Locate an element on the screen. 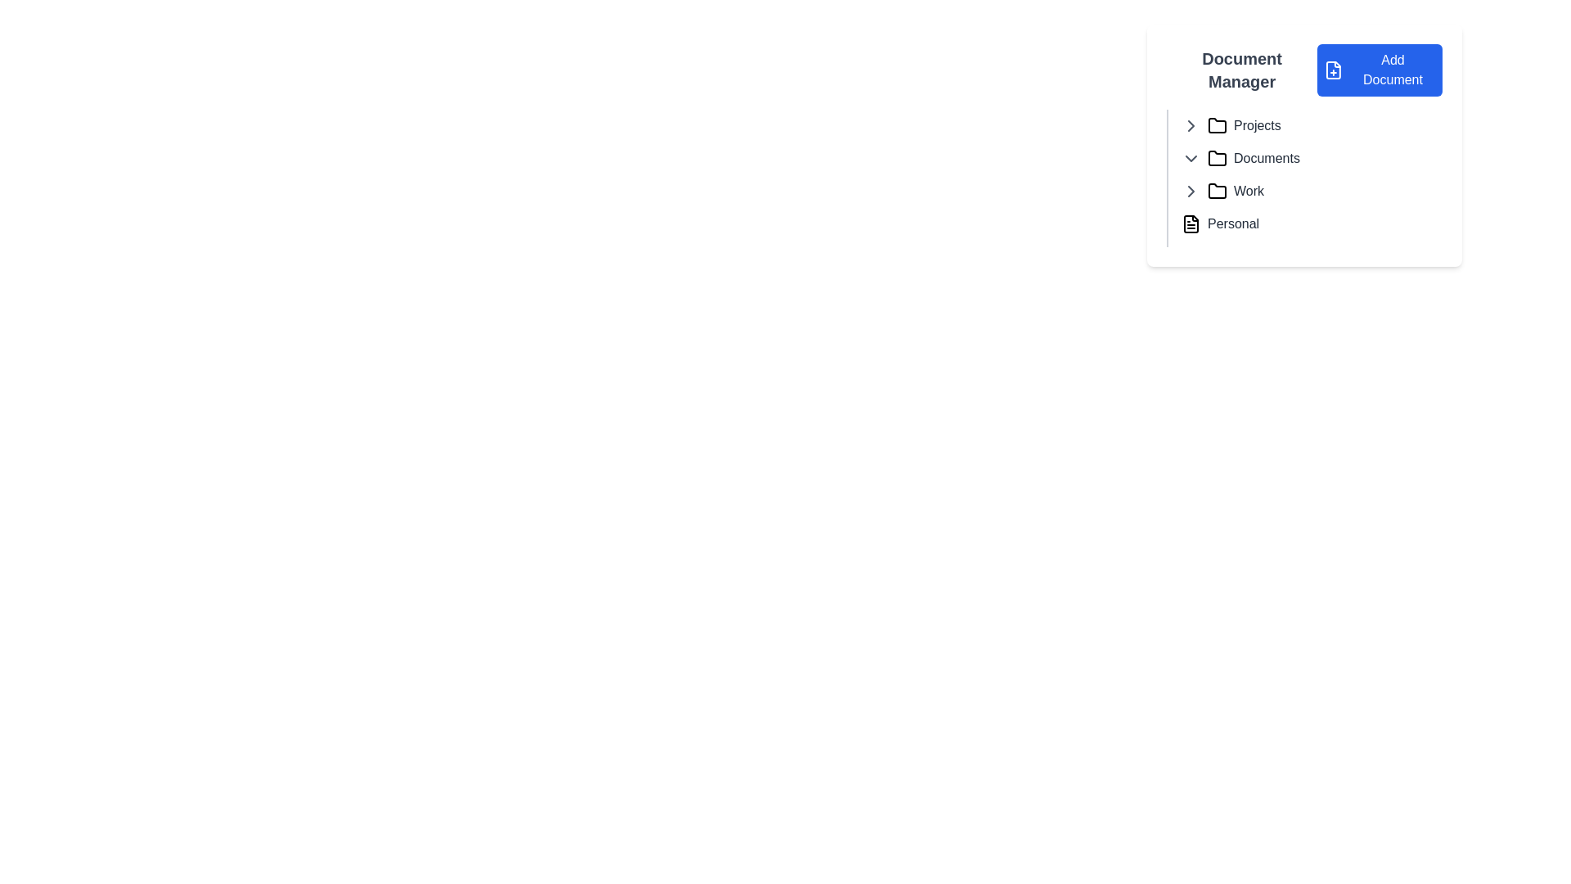 This screenshot has width=1571, height=884. the graphic icon located to the left of the 'Add Document' text label in the button at the top-right corner of the interface is located at coordinates (1334, 69).